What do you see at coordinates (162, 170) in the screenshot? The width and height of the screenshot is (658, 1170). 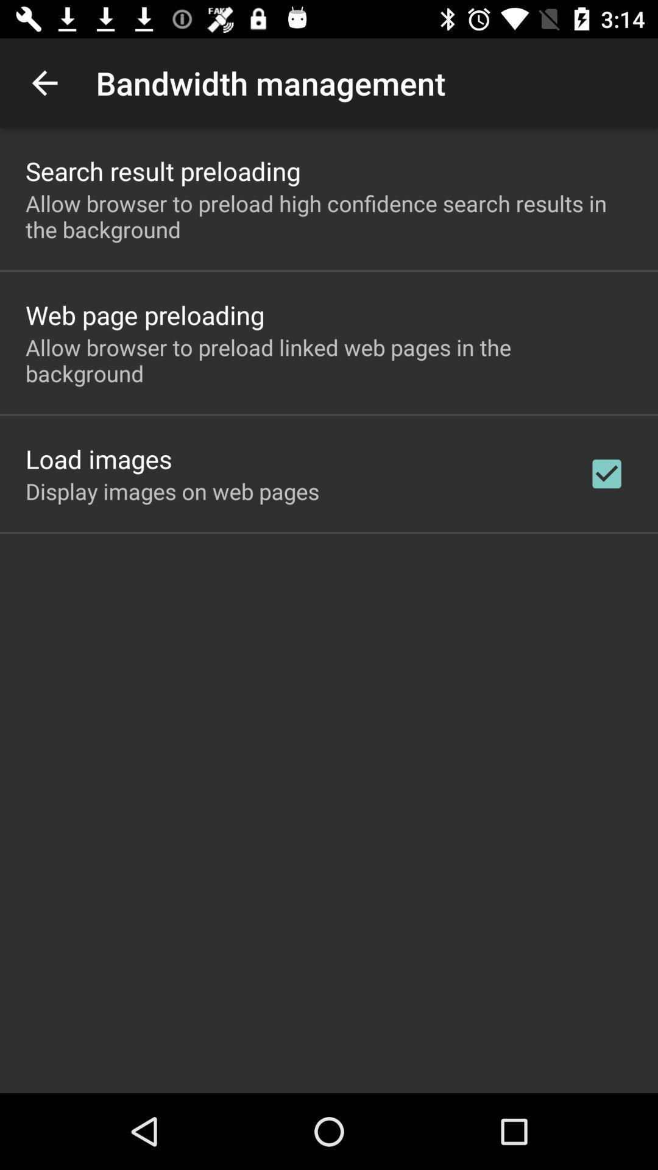 I see `search result preloading app` at bounding box center [162, 170].